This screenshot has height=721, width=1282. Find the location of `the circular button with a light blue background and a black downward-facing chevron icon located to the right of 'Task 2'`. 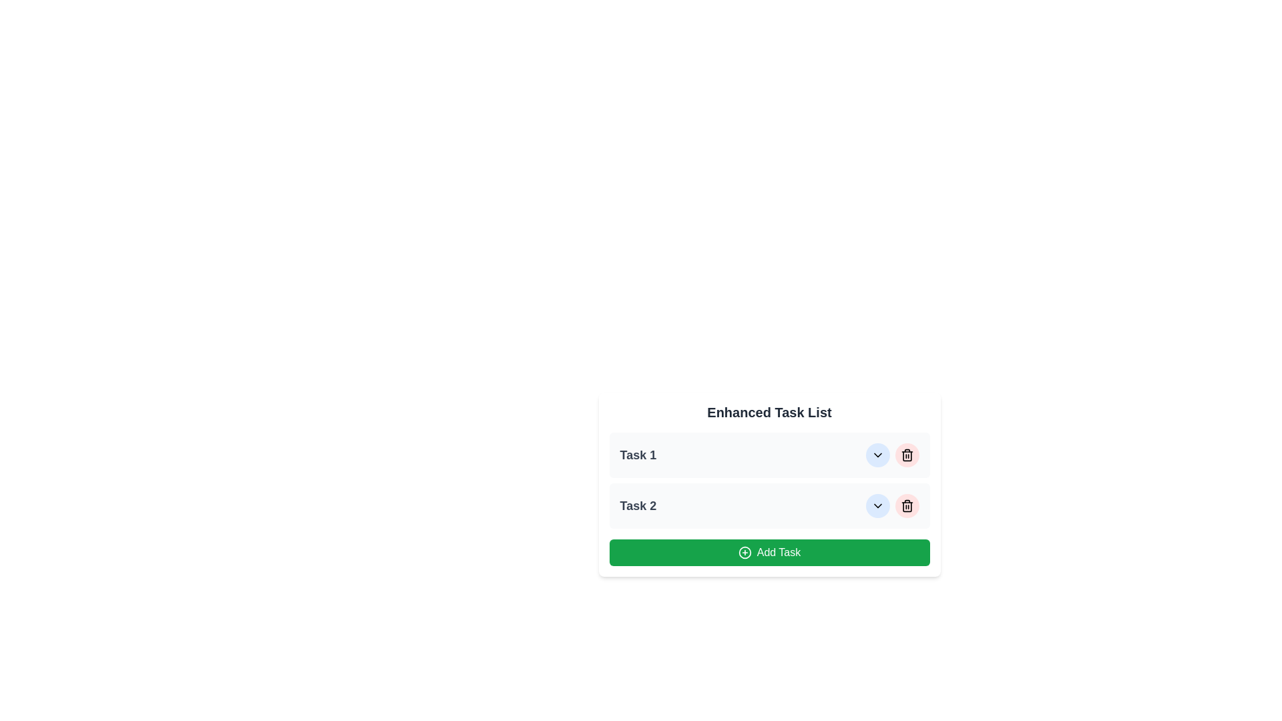

the circular button with a light blue background and a black downward-facing chevron icon located to the right of 'Task 2' is located at coordinates (877, 455).